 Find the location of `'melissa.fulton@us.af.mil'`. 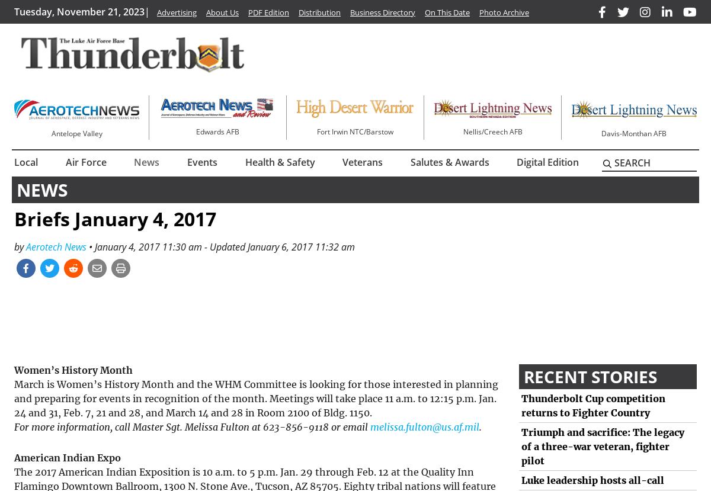

'melissa.fulton@us.af.mil' is located at coordinates (425, 426).